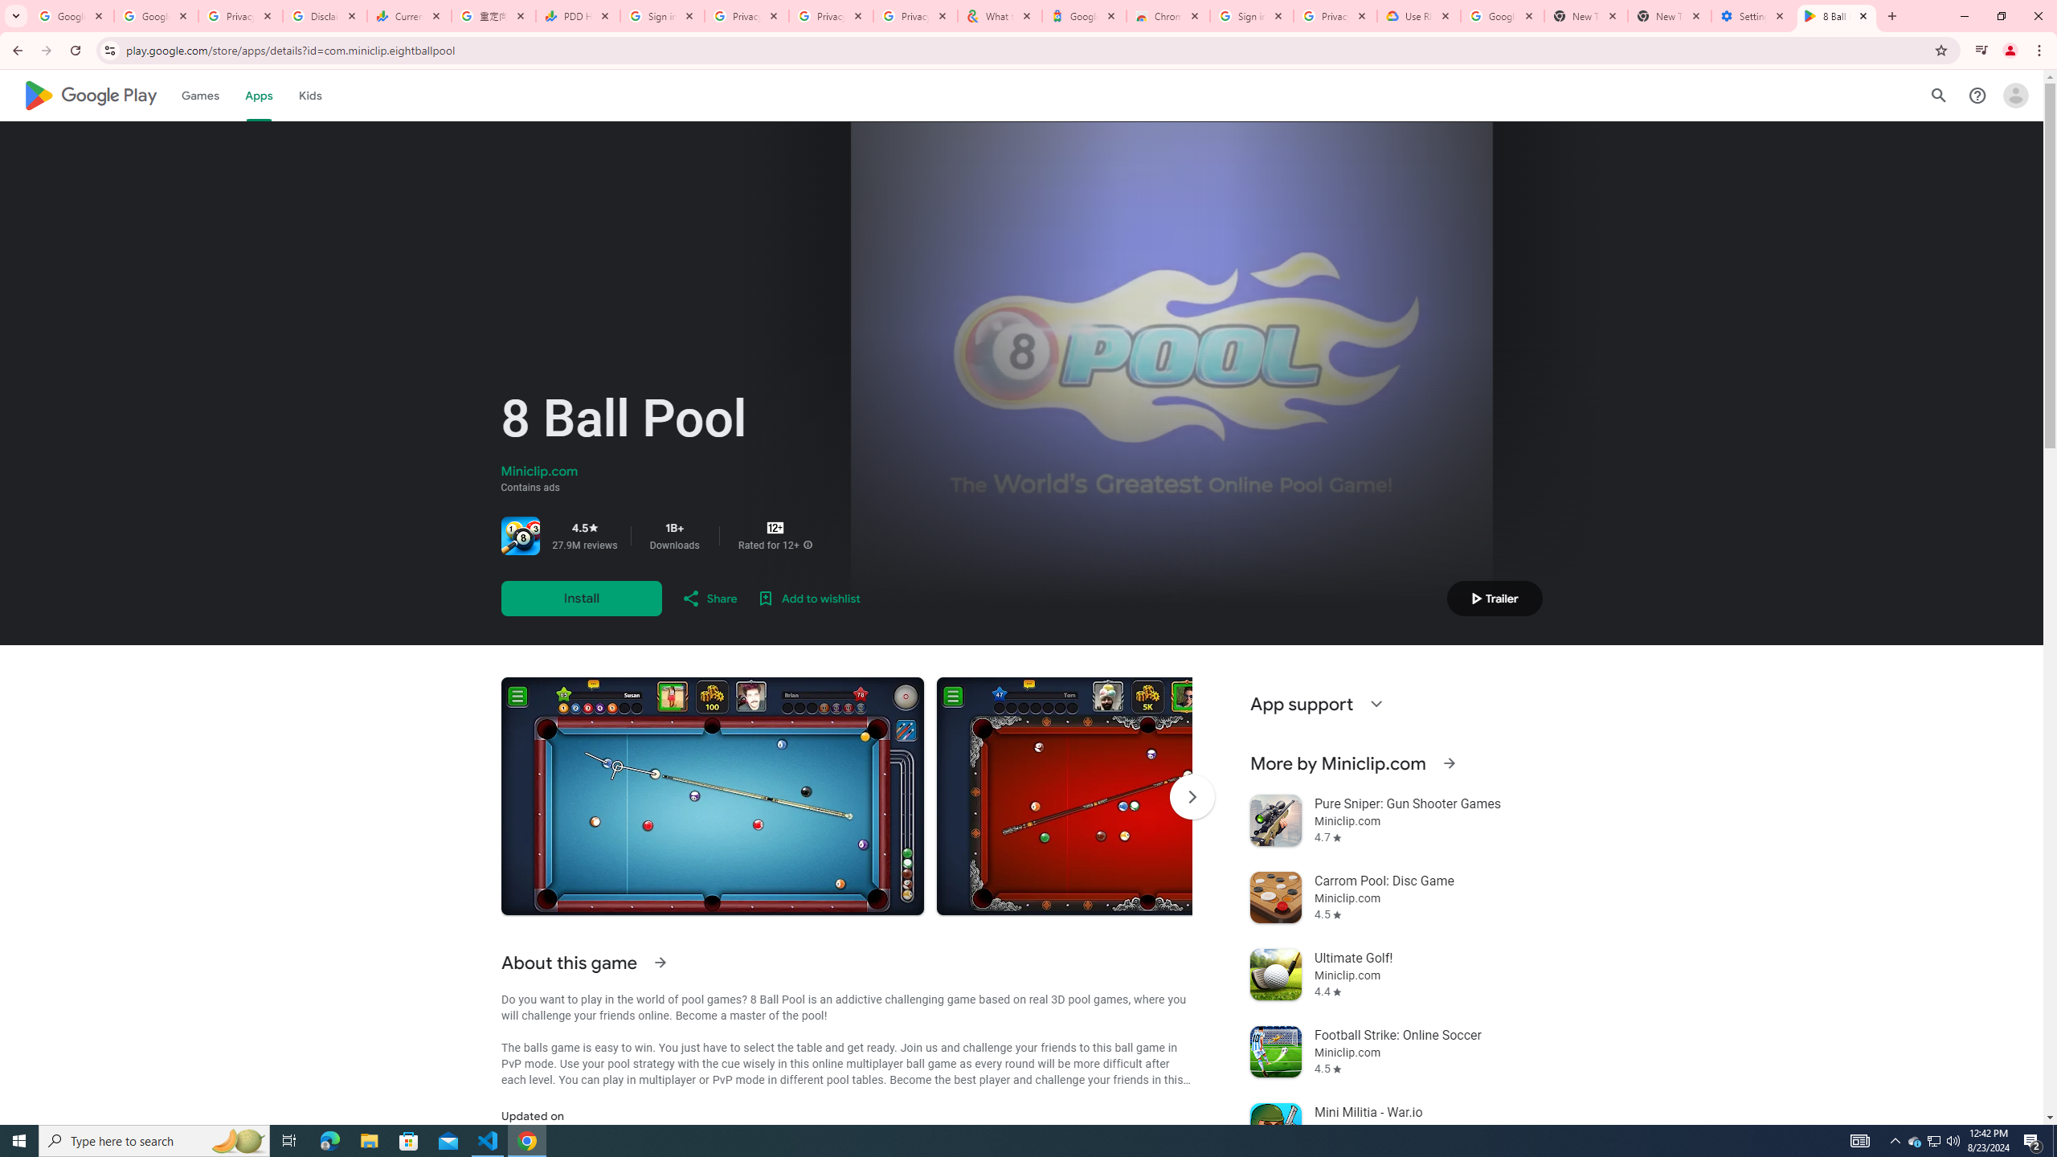 The image size is (2057, 1157). I want to click on 'Chrome Web Store - Color themes by Chrome', so click(1168, 15).